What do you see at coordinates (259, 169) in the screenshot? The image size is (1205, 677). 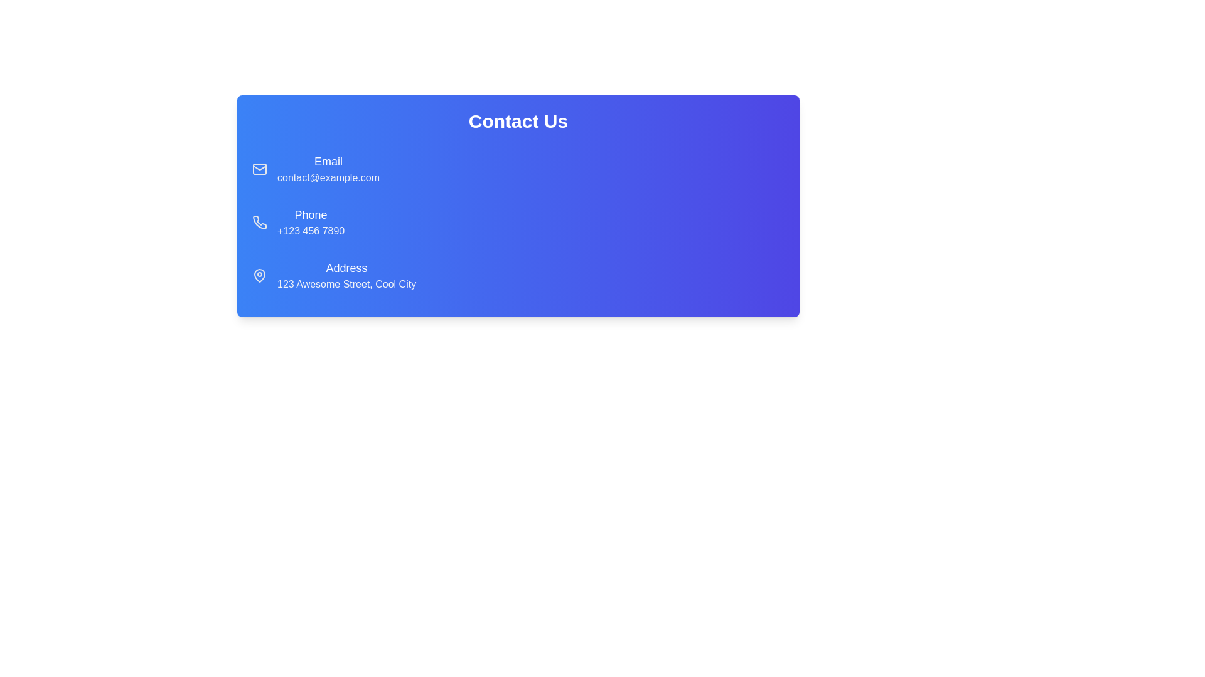 I see `the email contact icon, which visually represents the email address and is located to the far left in the 'Email' contact row` at bounding box center [259, 169].